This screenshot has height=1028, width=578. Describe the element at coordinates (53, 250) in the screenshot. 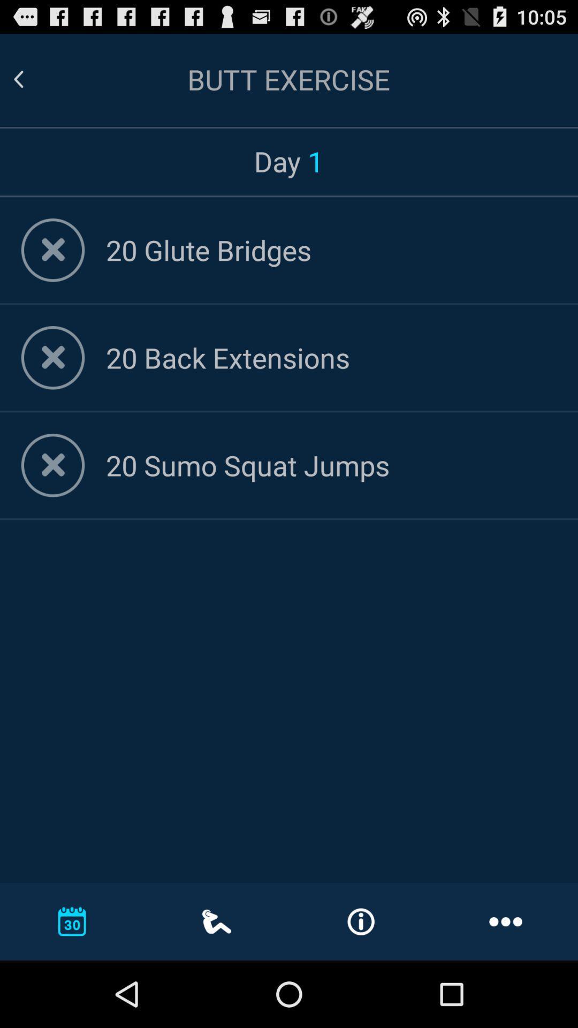

I see `delete listing` at that location.